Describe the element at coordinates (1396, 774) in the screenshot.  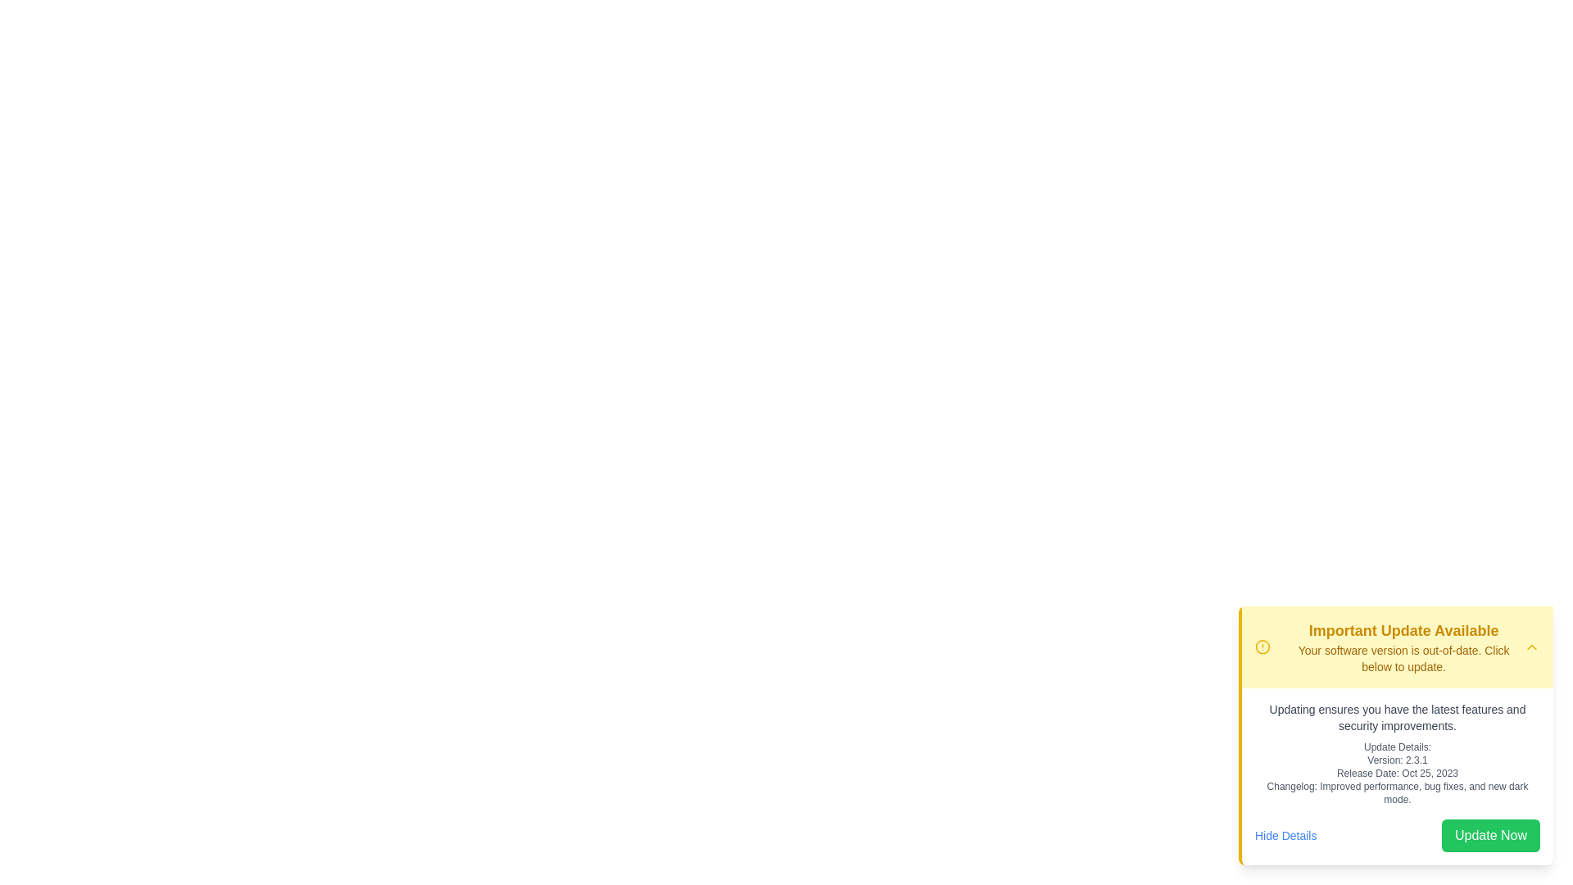
I see `the text label displaying 'Release Date: Oct 25, 2023', which is styled in gray and located between 'Version: 2.3.1' and the changelog description` at that location.